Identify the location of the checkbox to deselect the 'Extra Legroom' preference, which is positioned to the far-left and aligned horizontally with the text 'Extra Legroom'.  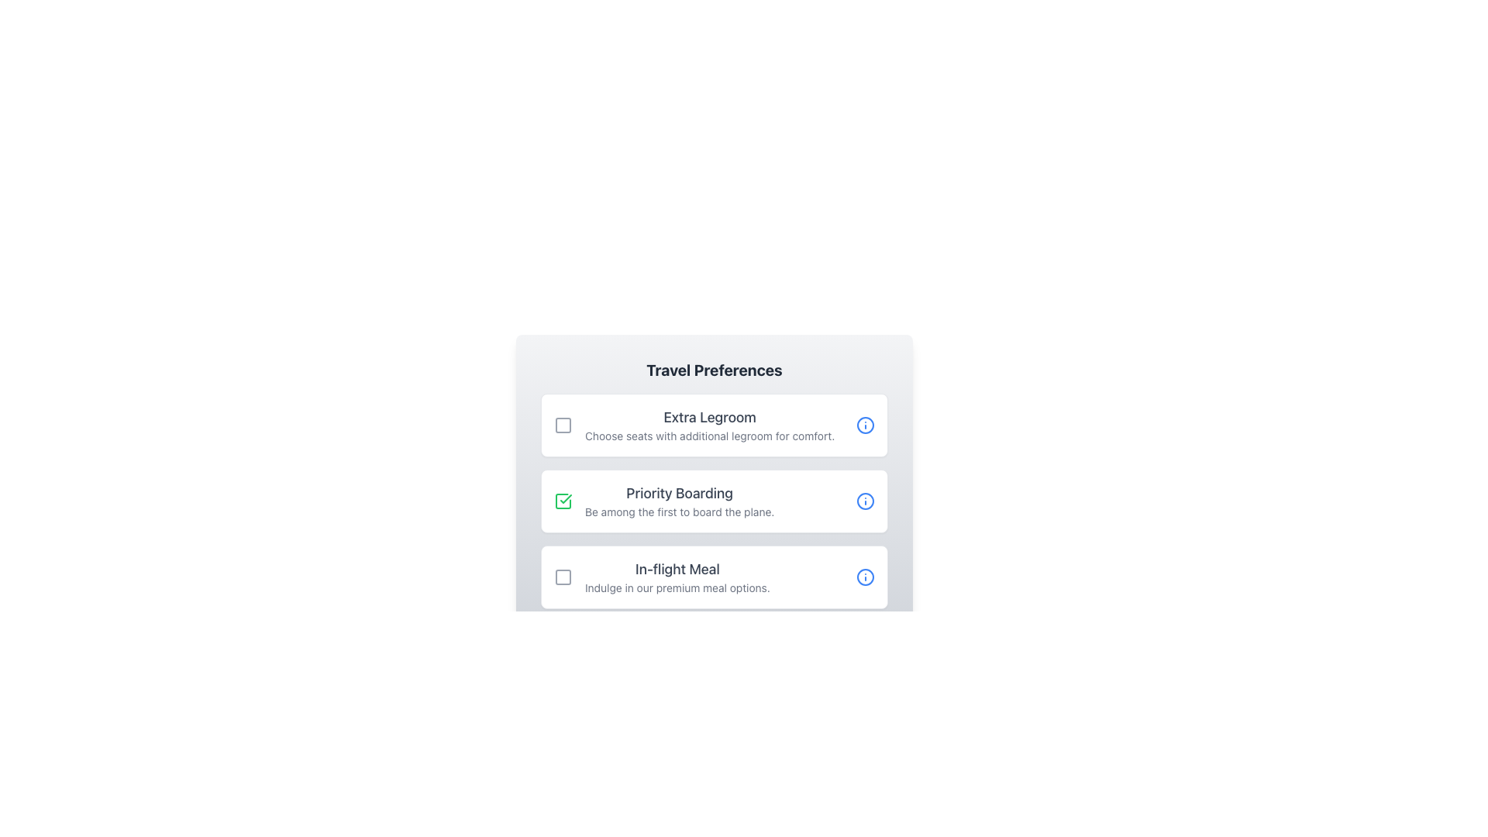
(562, 425).